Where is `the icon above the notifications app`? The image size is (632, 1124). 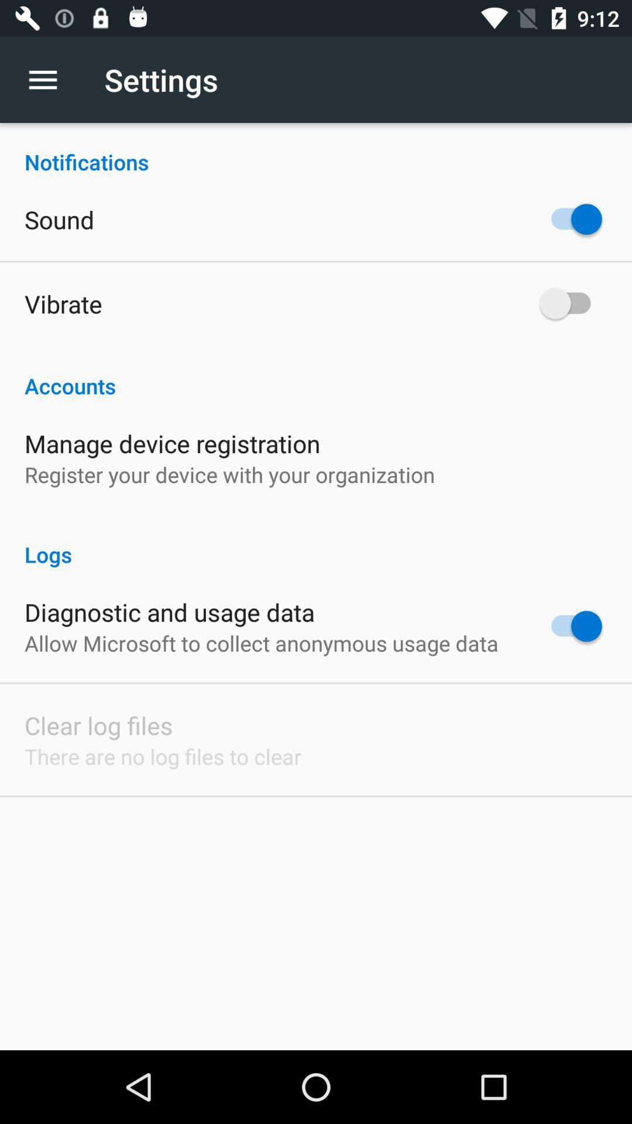 the icon above the notifications app is located at coordinates (49, 79).